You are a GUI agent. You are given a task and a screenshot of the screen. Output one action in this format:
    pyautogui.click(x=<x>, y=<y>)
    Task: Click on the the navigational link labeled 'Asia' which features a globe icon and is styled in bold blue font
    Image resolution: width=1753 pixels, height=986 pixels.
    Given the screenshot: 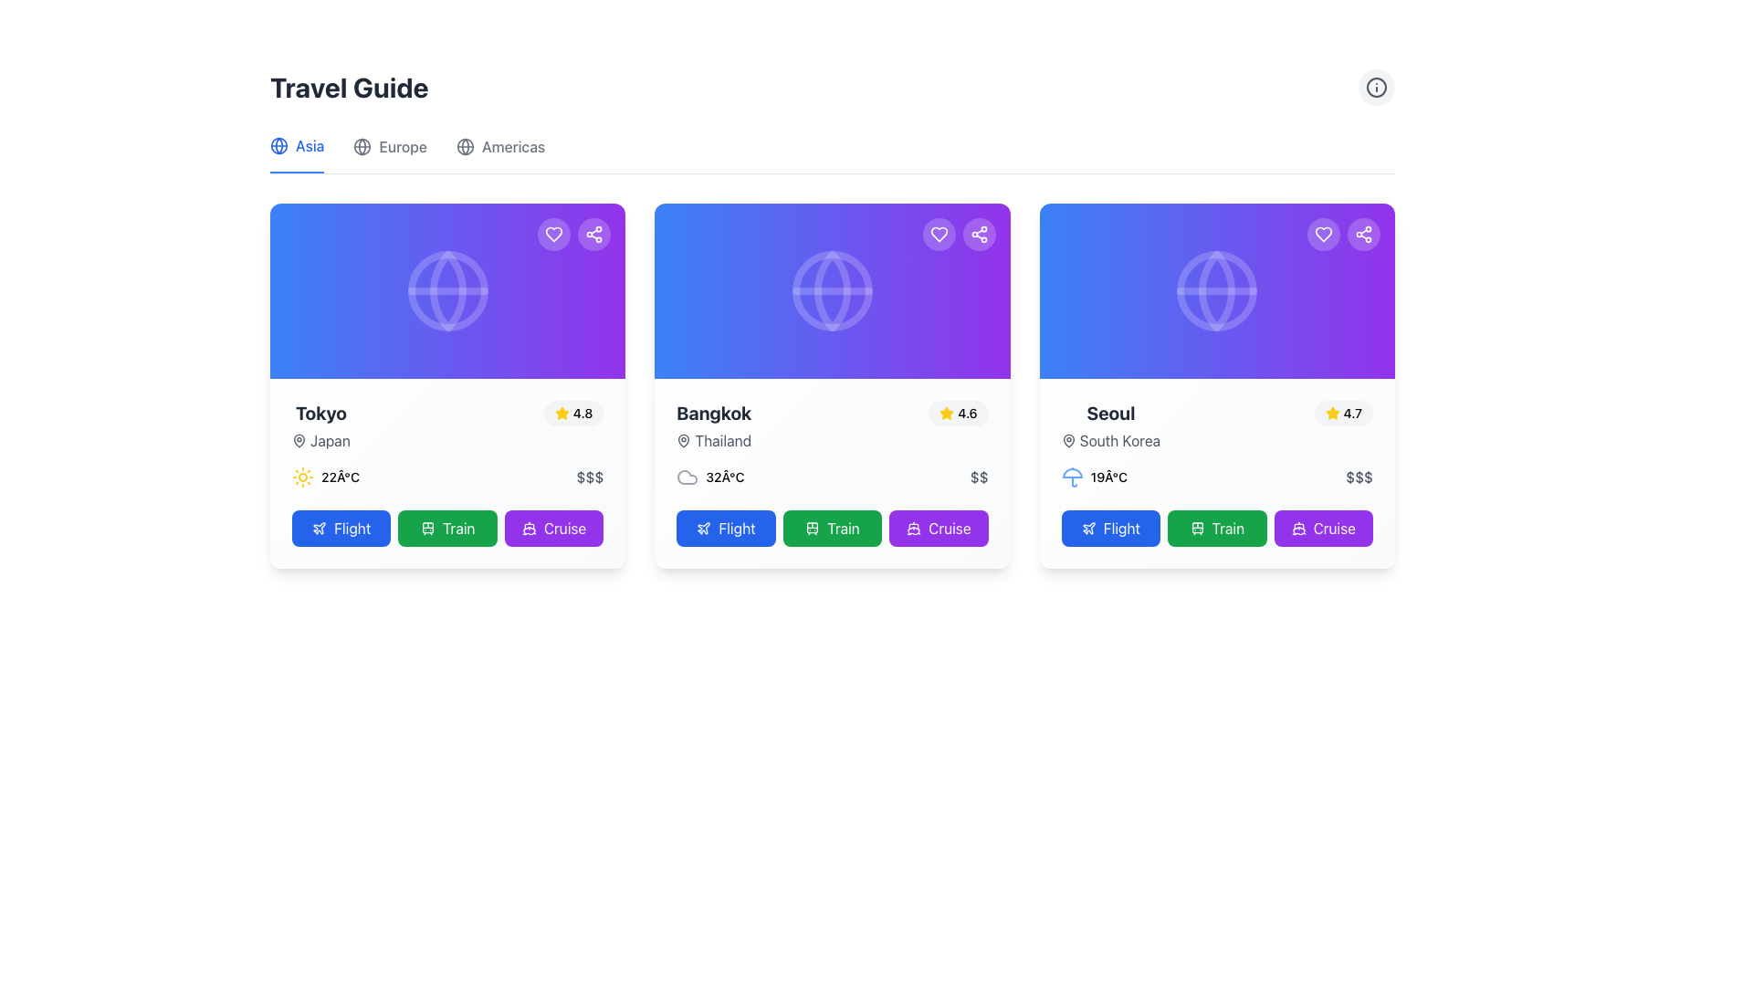 What is the action you would take?
    pyautogui.click(x=297, y=153)
    